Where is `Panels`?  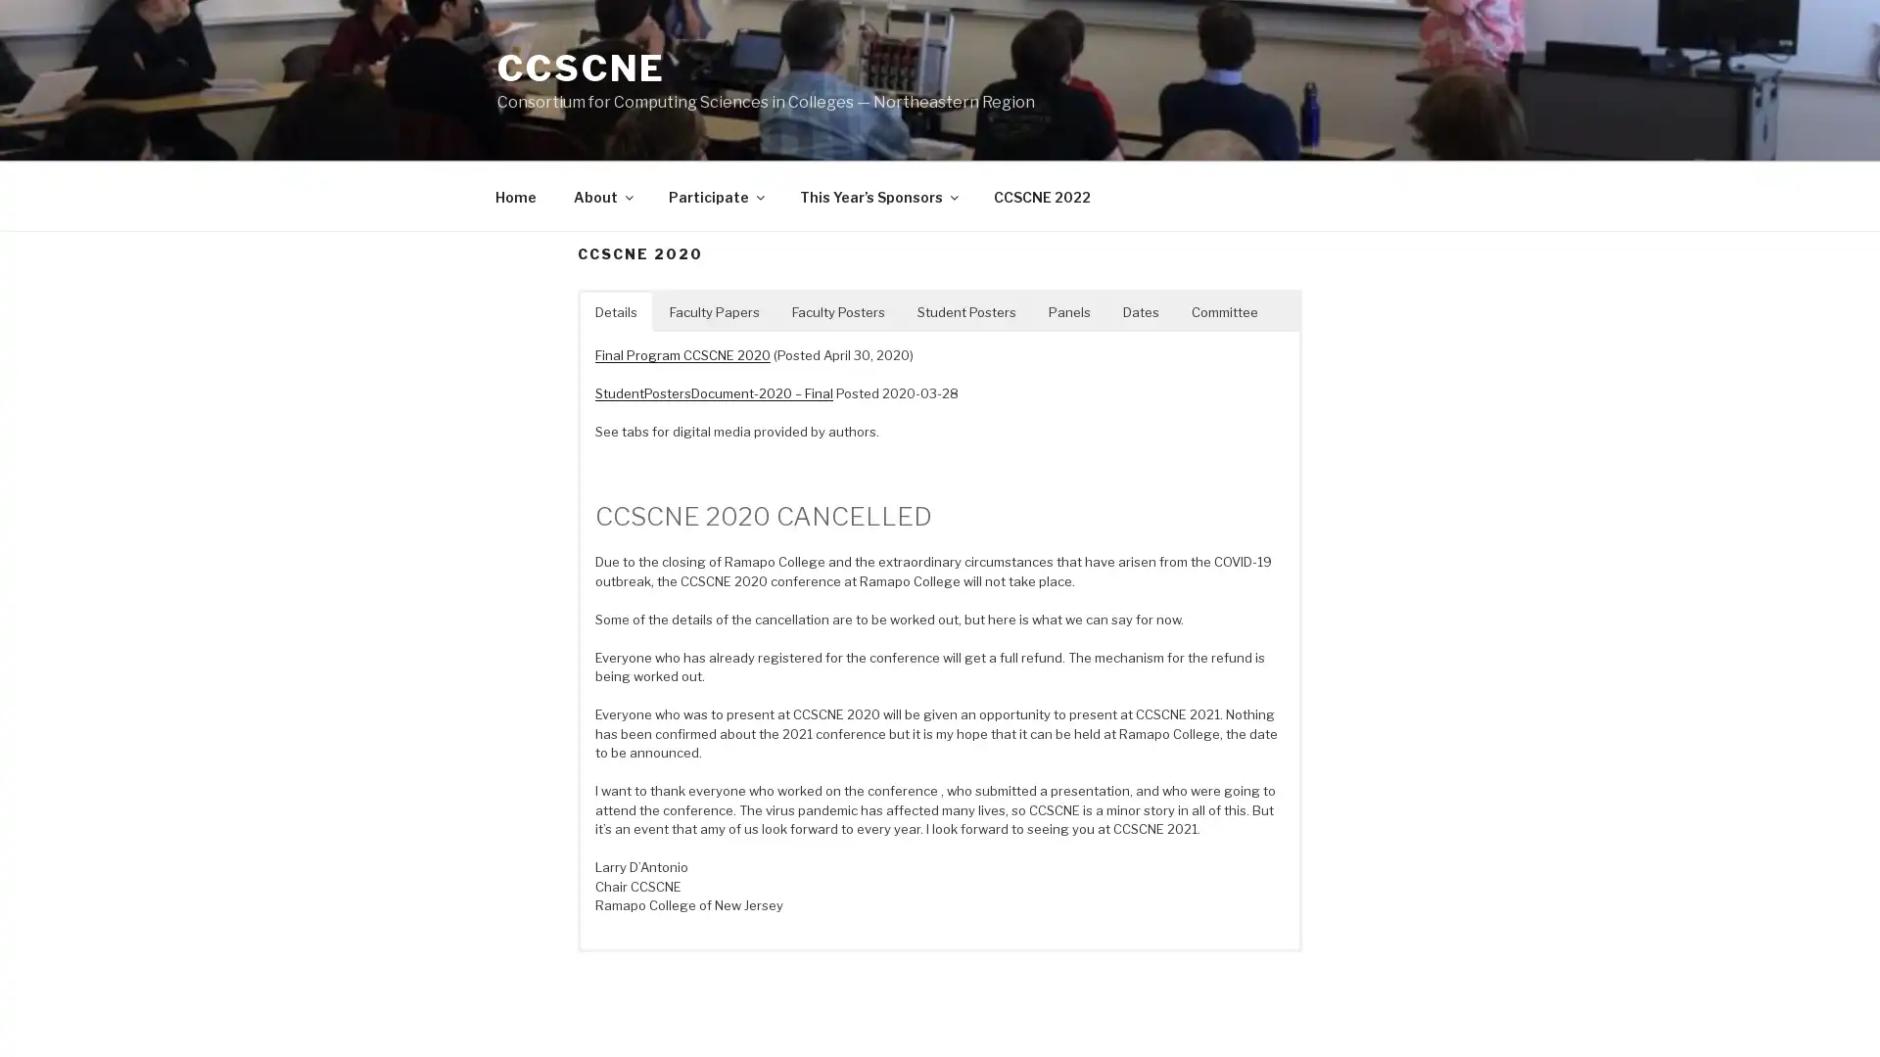 Panels is located at coordinates (1068, 309).